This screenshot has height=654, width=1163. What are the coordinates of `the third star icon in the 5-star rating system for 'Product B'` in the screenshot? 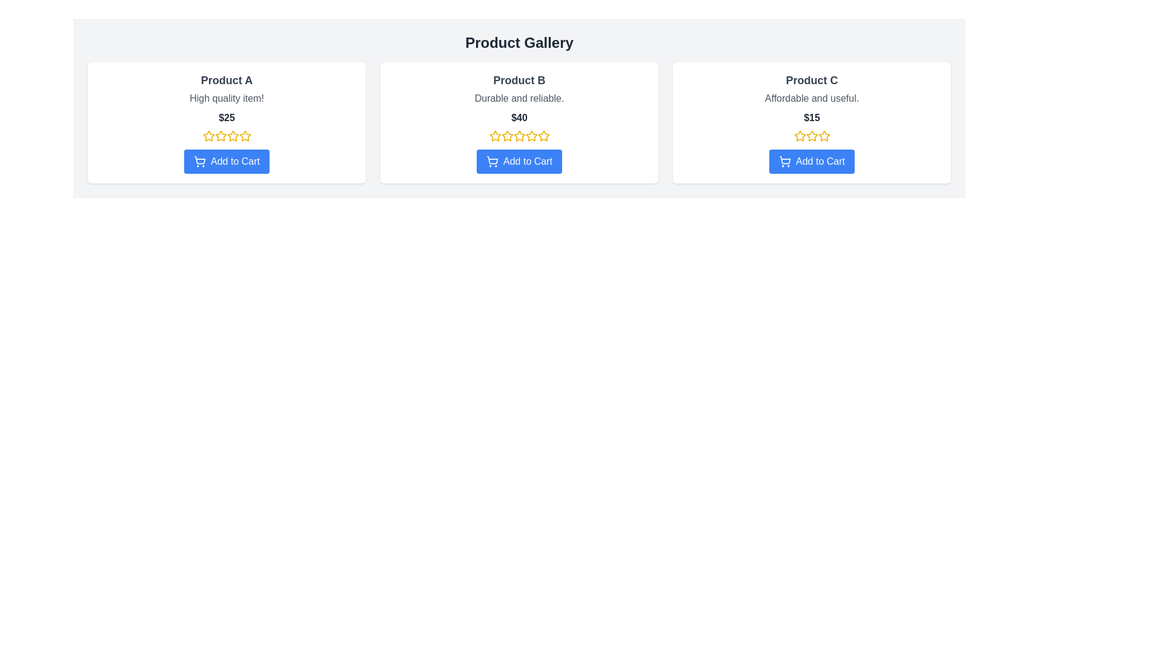 It's located at (519, 136).